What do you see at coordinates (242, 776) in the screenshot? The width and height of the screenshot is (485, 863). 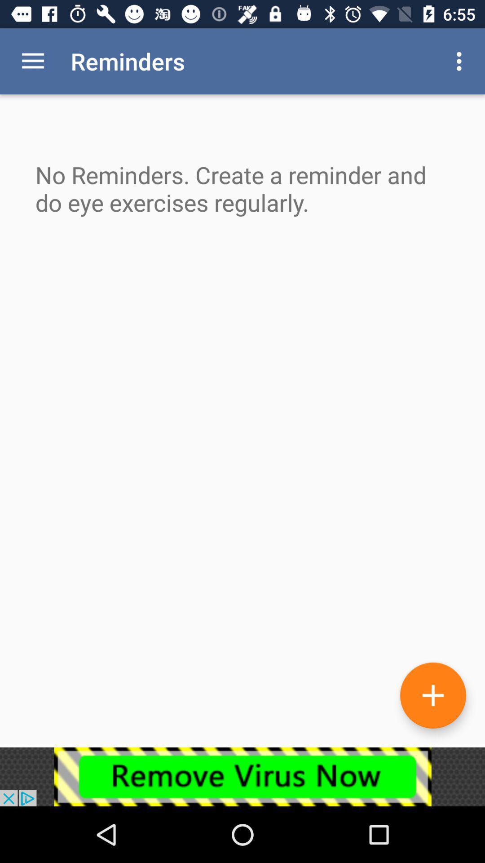 I see `advertisement` at bounding box center [242, 776].